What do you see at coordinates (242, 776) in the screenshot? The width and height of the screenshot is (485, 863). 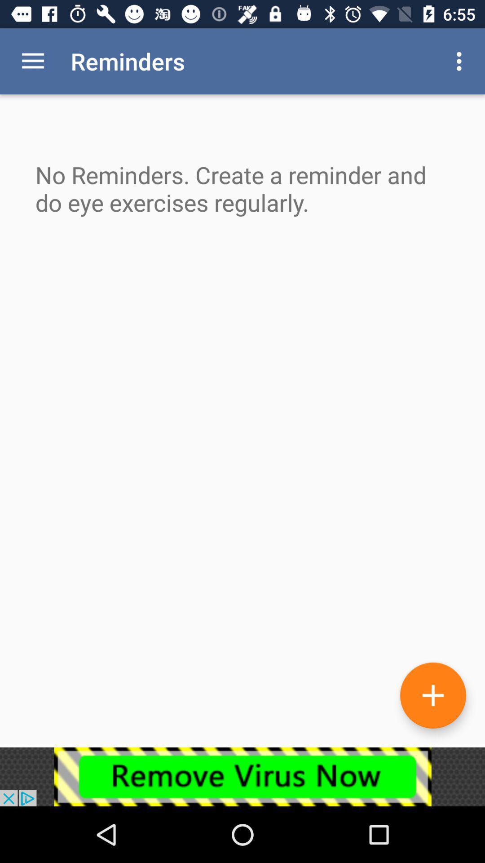 I see `advertisement` at bounding box center [242, 776].